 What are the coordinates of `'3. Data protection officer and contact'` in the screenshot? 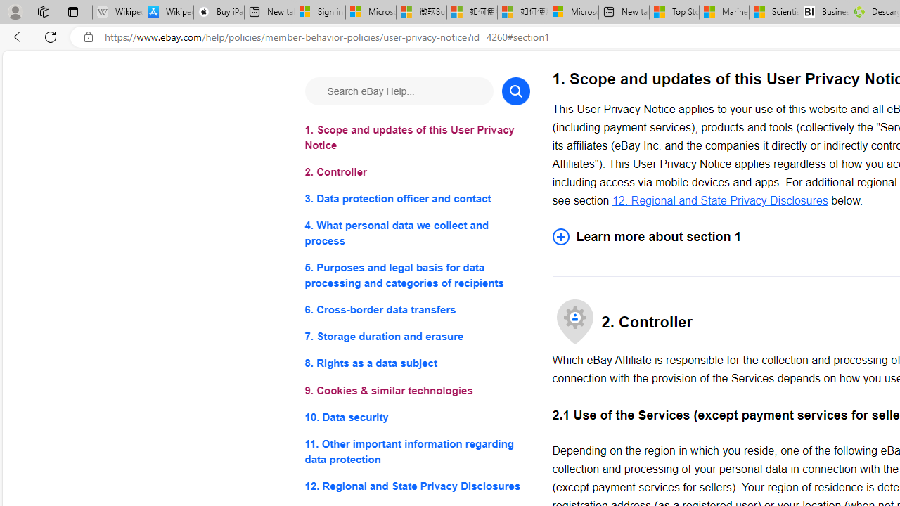 It's located at (416, 199).